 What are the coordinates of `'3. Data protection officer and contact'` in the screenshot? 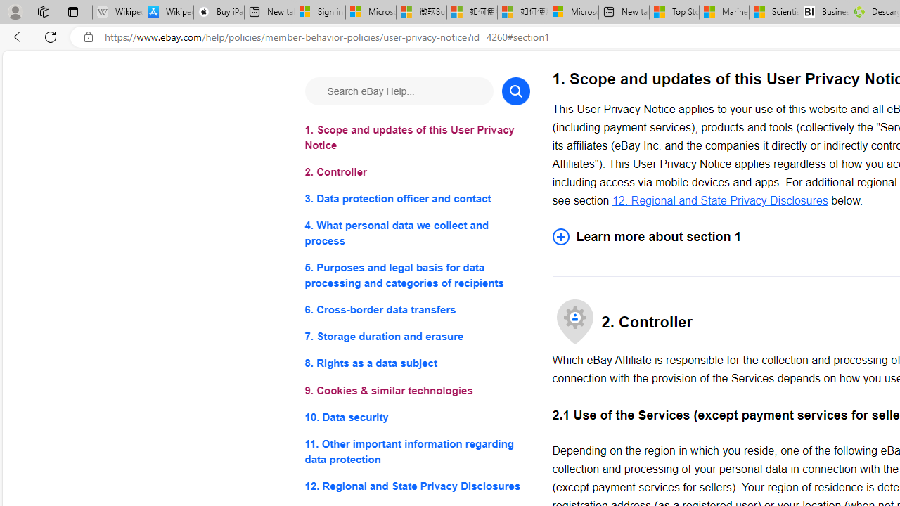 It's located at (416, 199).